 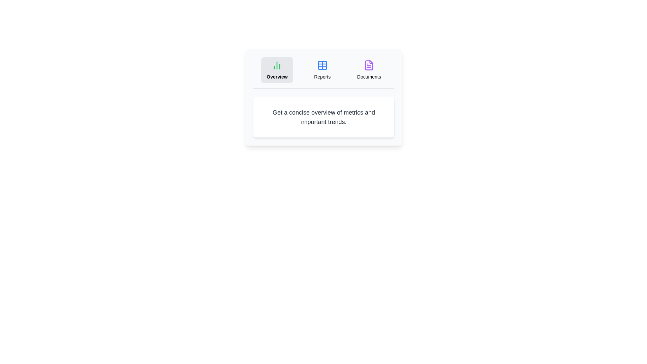 What do you see at coordinates (321, 65) in the screenshot?
I see `the icon of the Reports tab` at bounding box center [321, 65].